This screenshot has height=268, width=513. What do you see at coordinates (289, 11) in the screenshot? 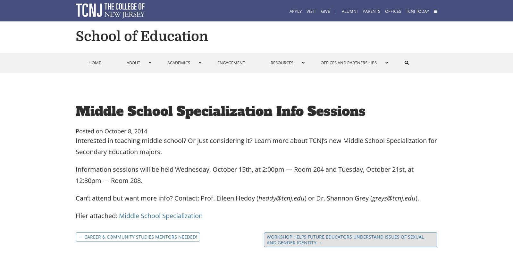
I see `'Apply'` at bounding box center [289, 11].